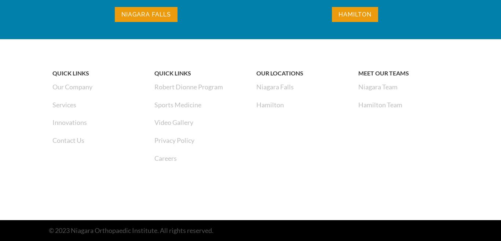 This screenshot has height=241, width=501. What do you see at coordinates (154, 140) in the screenshot?
I see `'Privacy Policy'` at bounding box center [154, 140].